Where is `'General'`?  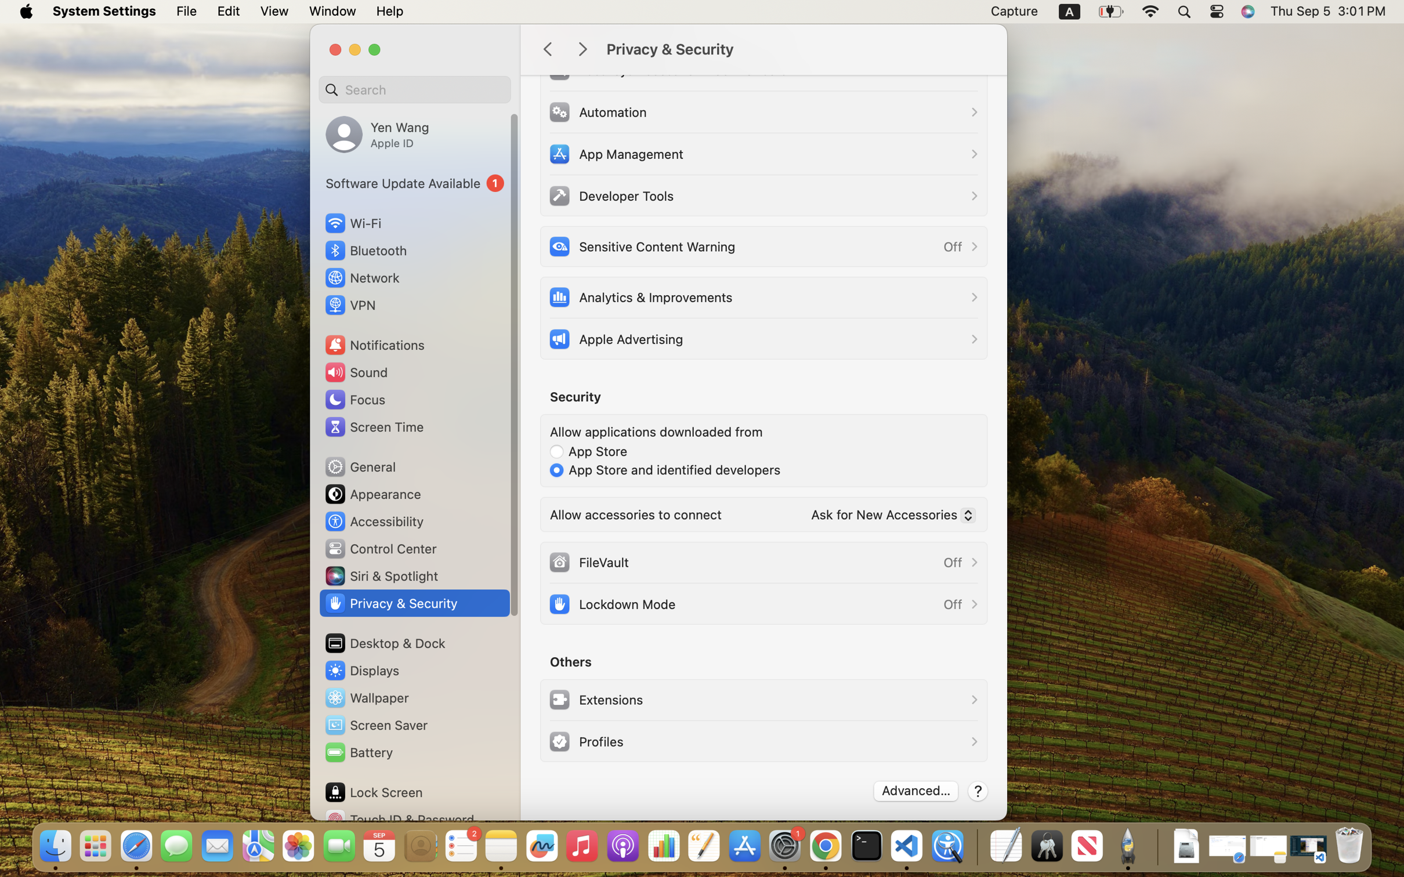 'General' is located at coordinates (359, 466).